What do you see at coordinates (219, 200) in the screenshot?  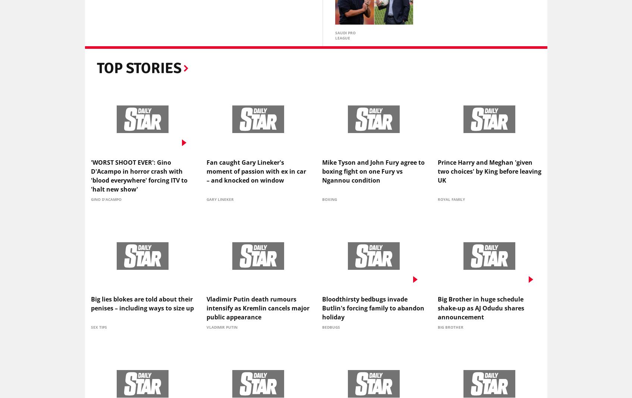 I see `'Gary Lineker'` at bounding box center [219, 200].